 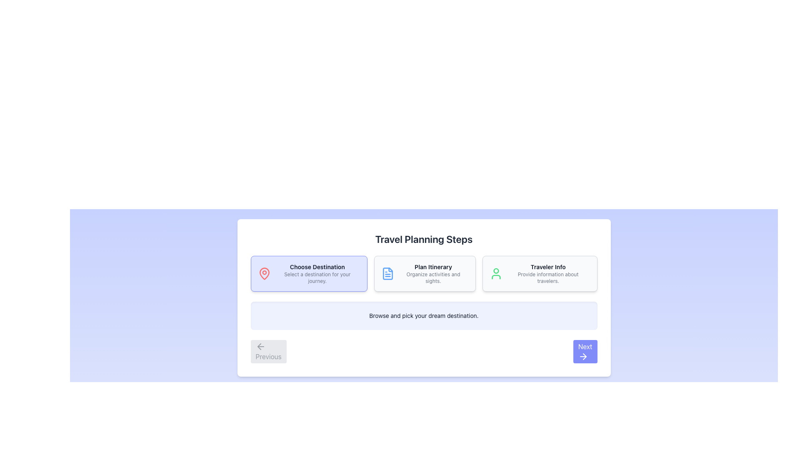 What do you see at coordinates (548, 278) in the screenshot?
I see `the static text element that reads 'Provide information about travelers.' located below the 'Traveler Info' heading in the rightmost section of the UI` at bounding box center [548, 278].